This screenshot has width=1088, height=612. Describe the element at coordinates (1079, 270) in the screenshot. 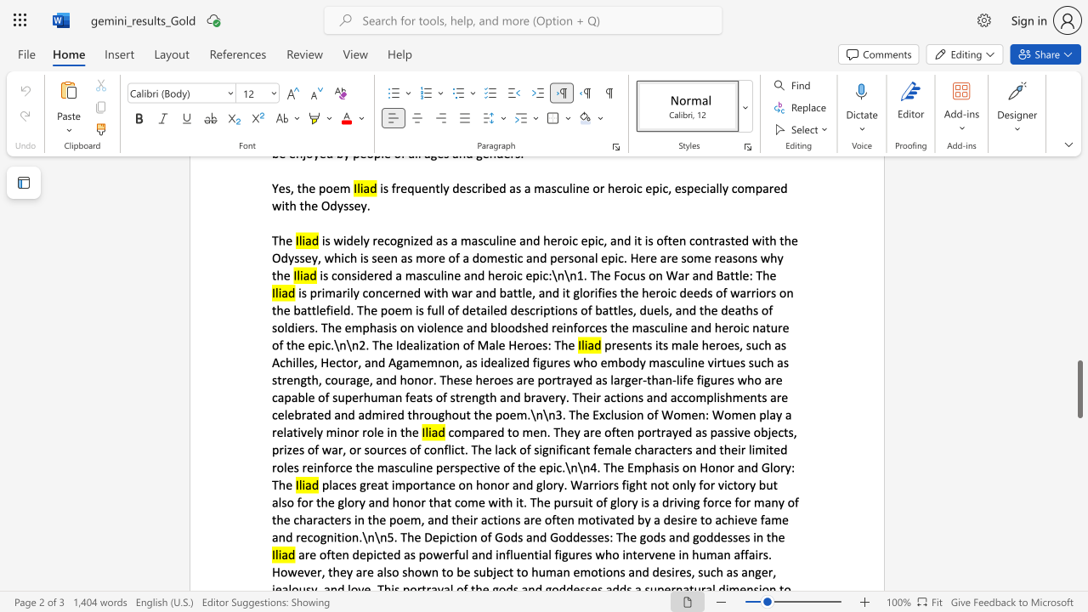

I see `the vertical scrollbar to raise the page content` at that location.